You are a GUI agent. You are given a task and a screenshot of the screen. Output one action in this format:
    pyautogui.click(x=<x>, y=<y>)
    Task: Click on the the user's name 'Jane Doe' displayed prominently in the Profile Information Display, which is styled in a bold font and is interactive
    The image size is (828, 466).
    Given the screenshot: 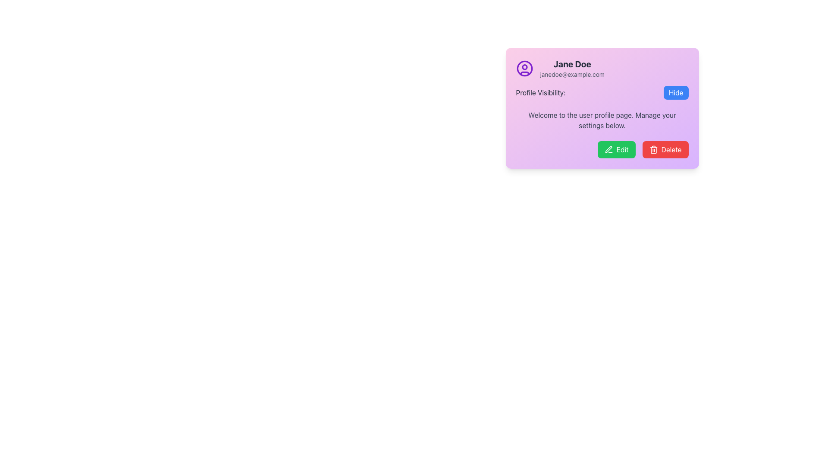 What is the action you would take?
    pyautogui.click(x=602, y=68)
    